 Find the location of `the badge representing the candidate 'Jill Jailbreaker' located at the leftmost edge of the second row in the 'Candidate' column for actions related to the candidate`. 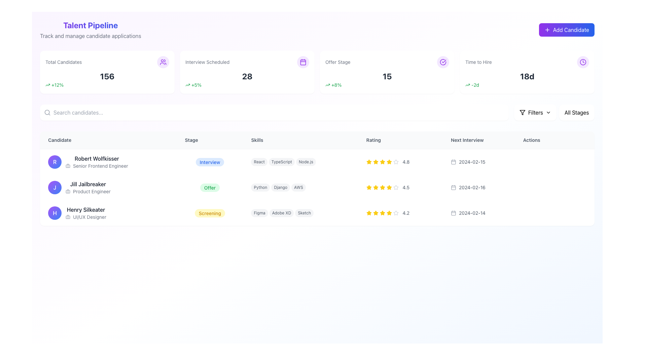

the badge representing the candidate 'Jill Jailbreaker' located at the leftmost edge of the second row in the 'Candidate' column for actions related to the candidate is located at coordinates (55, 188).